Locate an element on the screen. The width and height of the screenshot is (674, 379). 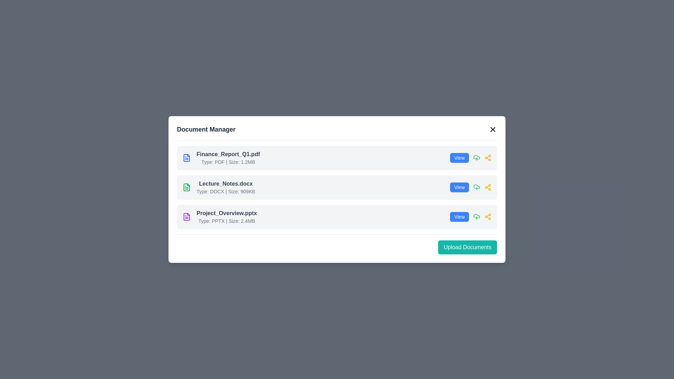
the yellow 'Share' icon, which is the third icon in a row next to the 'View' button in the 'Document Manager' dialog box is located at coordinates (488, 216).